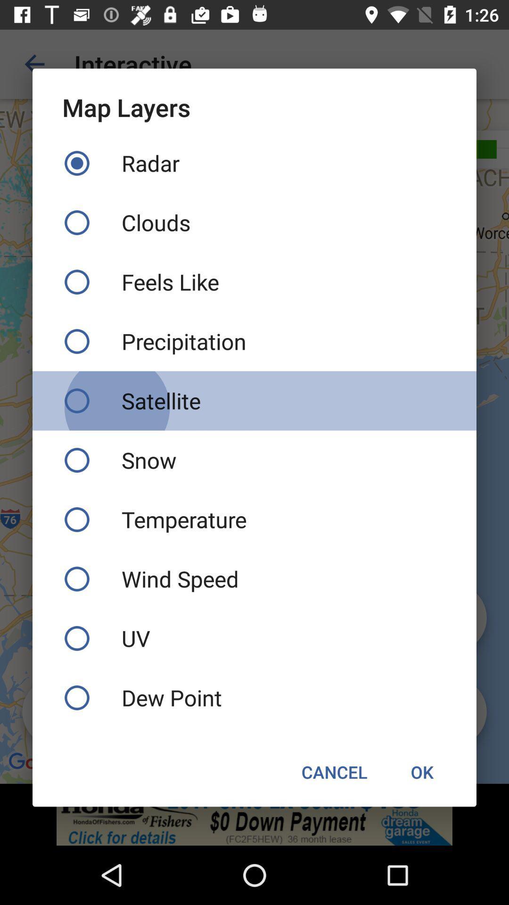 The height and width of the screenshot is (905, 509). What do you see at coordinates (421, 772) in the screenshot?
I see `the item to the right of cancel icon` at bounding box center [421, 772].